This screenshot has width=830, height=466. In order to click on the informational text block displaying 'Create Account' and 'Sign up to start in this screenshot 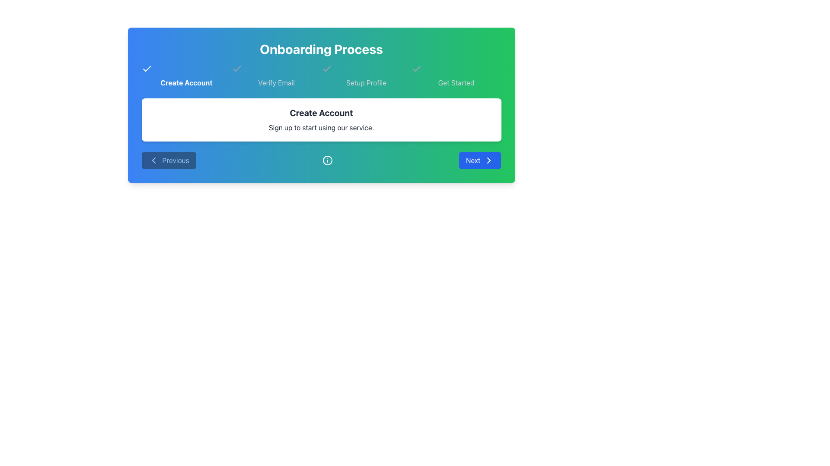, I will do `click(321, 120)`.